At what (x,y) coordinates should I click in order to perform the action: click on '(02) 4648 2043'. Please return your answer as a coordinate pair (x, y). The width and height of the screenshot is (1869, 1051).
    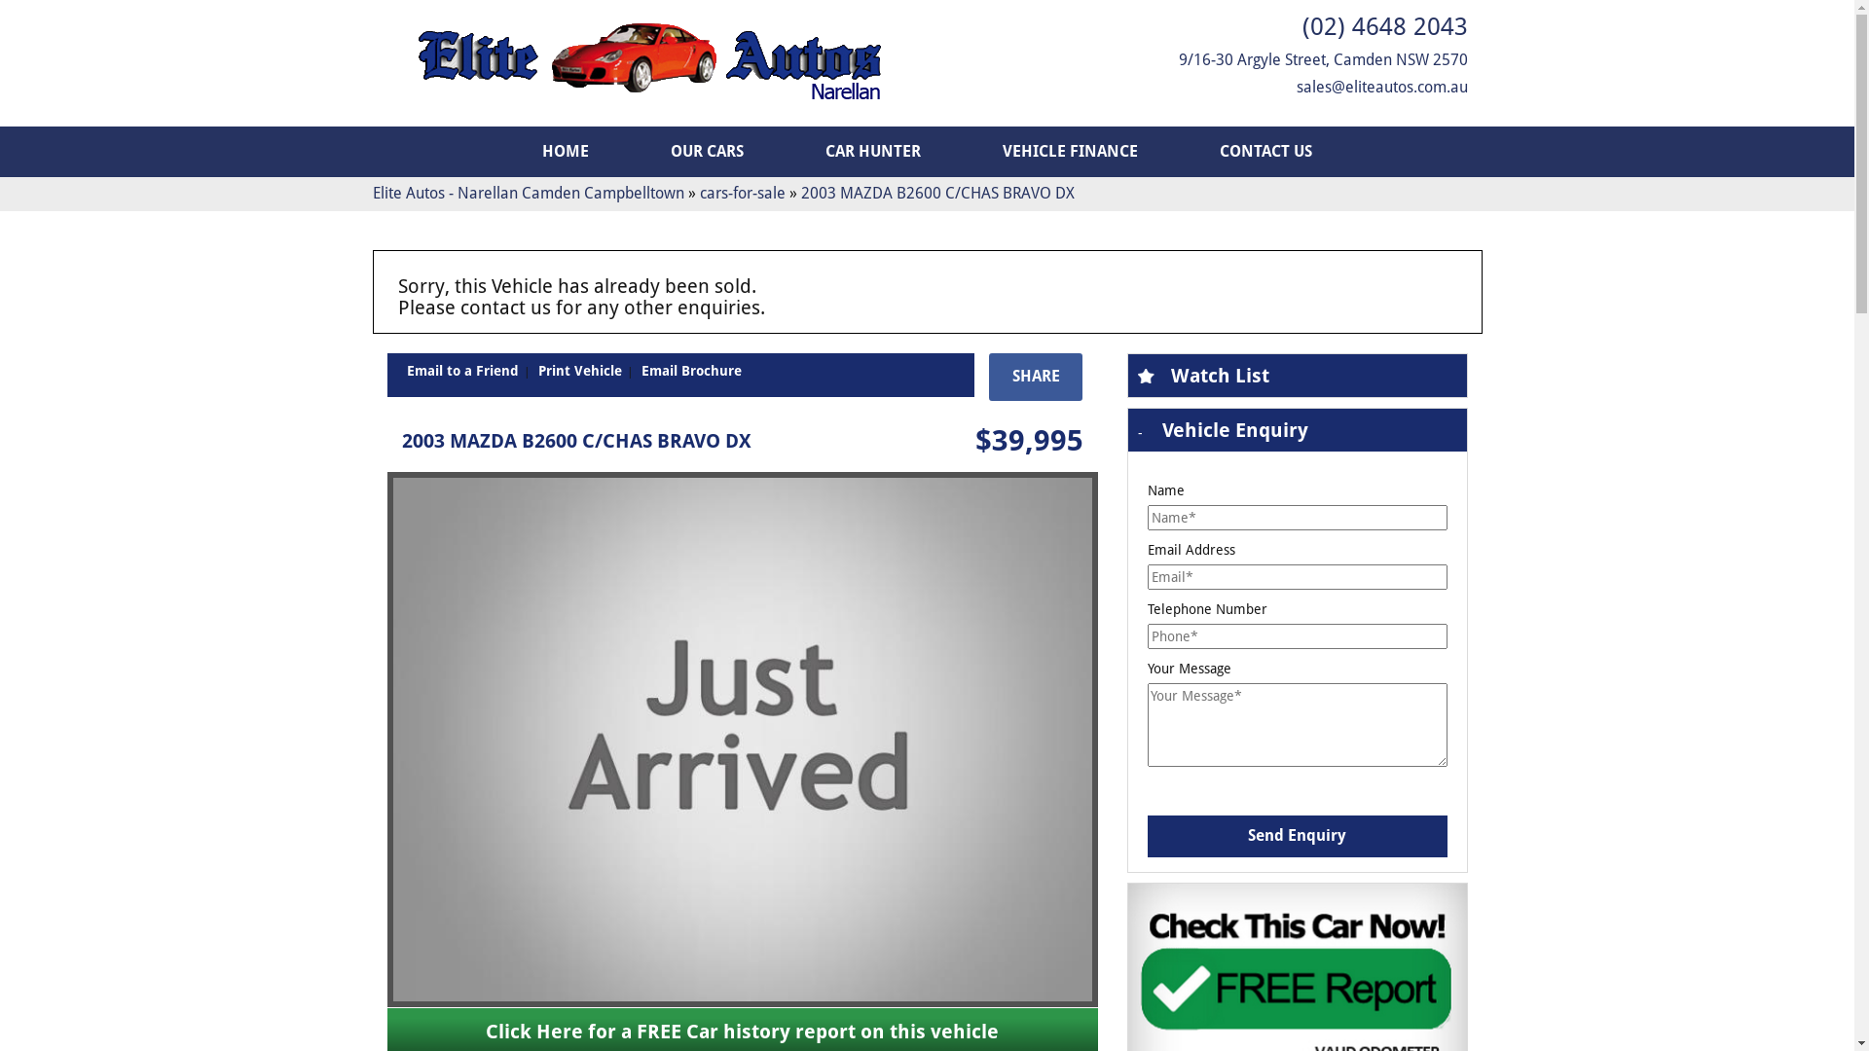
    Looking at the image, I should click on (1302, 26).